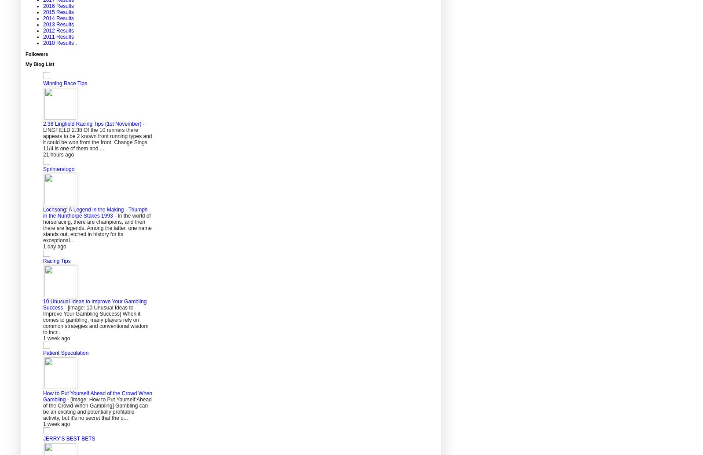 Image resolution: width=703 pixels, height=455 pixels. Describe the element at coordinates (39, 64) in the screenshot. I see `'My Blog List'` at that location.